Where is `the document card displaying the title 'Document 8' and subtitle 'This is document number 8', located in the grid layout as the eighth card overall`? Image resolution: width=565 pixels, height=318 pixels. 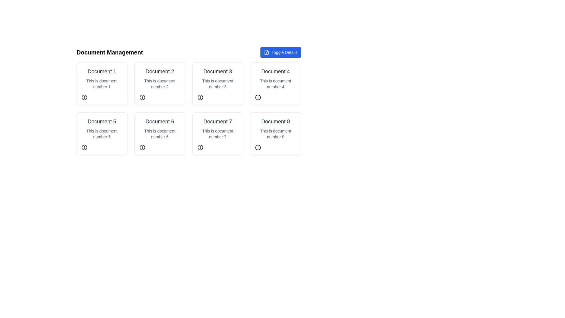 the document card displaying the title 'Document 8' and subtitle 'This is document number 8', located in the grid layout as the eighth card overall is located at coordinates (275, 134).